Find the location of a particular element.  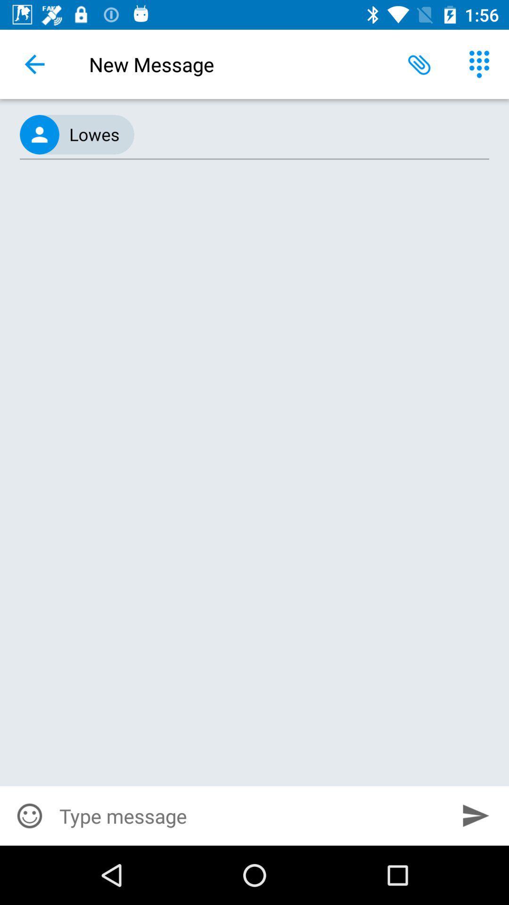

shows message type area is located at coordinates (251, 815).